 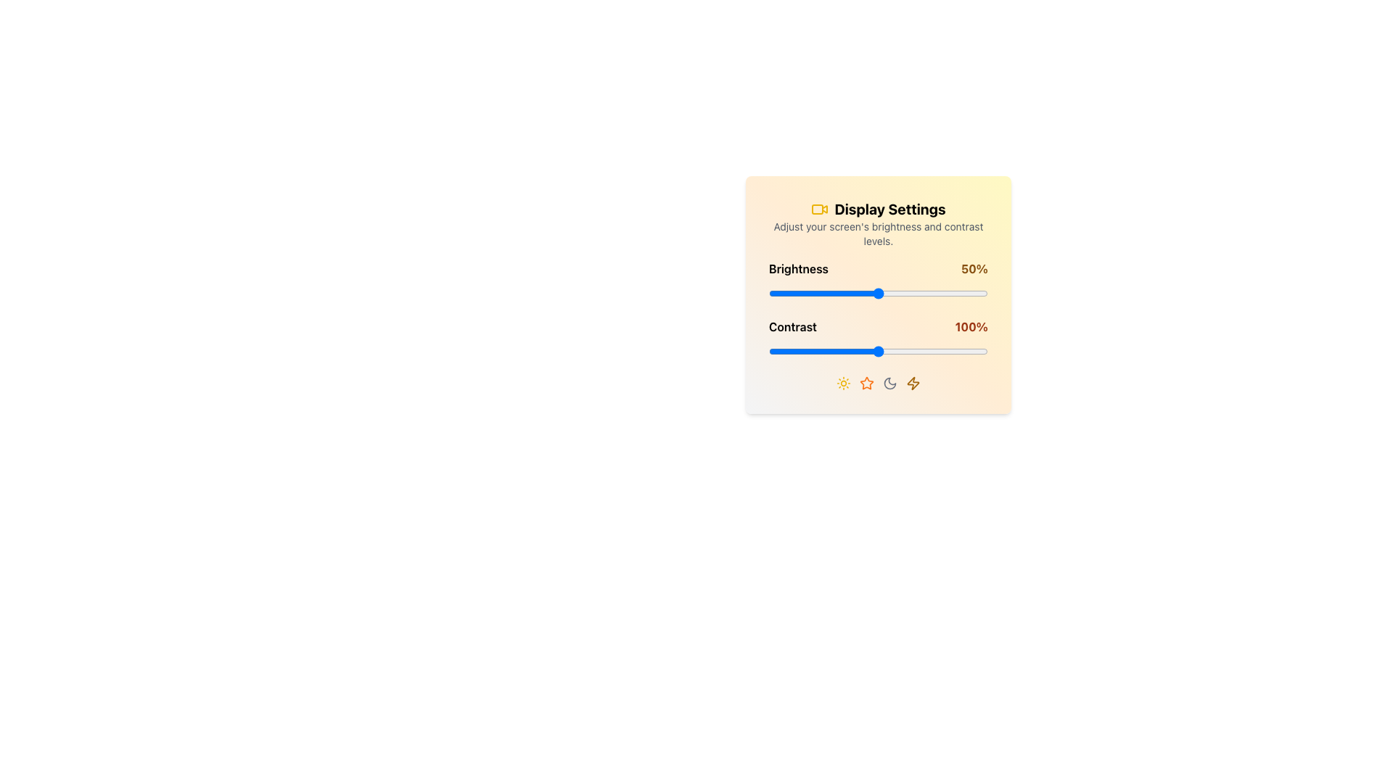 What do you see at coordinates (843, 382) in the screenshot?
I see `the bright yellow sun icon` at bounding box center [843, 382].